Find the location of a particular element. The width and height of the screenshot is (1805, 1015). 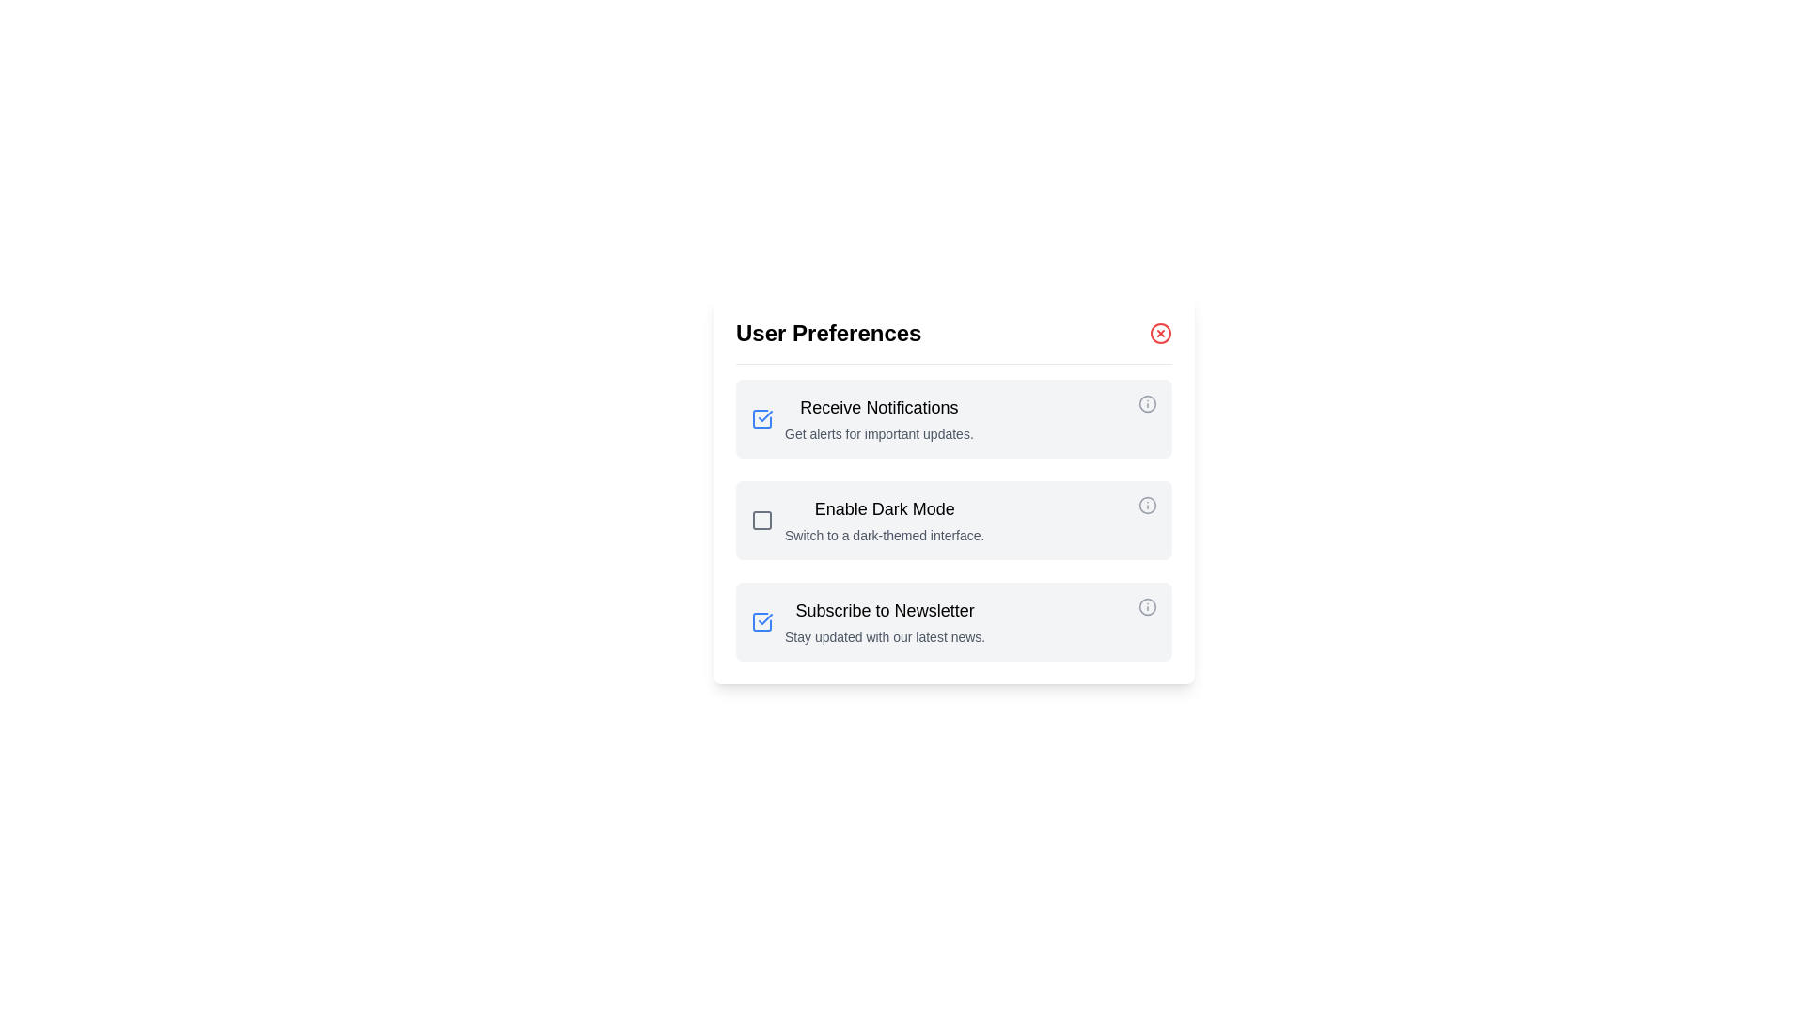

the Text label that contains the message 'Stay updated with our latest news.' which is positioned below the title 'Subscribe to Newsletter' in the subscription preferences section is located at coordinates (884, 636).